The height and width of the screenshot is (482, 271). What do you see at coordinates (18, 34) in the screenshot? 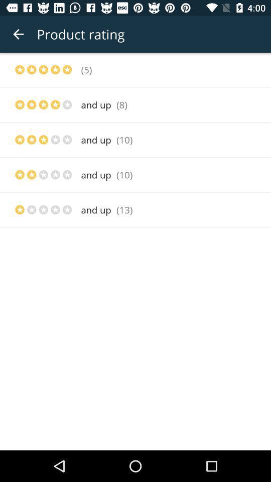
I see `the icon next to the product rating item` at bounding box center [18, 34].